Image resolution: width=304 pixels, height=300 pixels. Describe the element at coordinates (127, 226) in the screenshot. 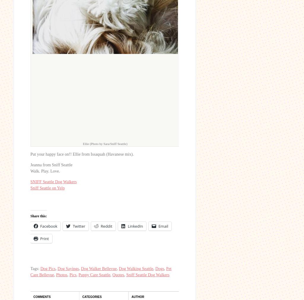

I see `'LinkedIn'` at that location.